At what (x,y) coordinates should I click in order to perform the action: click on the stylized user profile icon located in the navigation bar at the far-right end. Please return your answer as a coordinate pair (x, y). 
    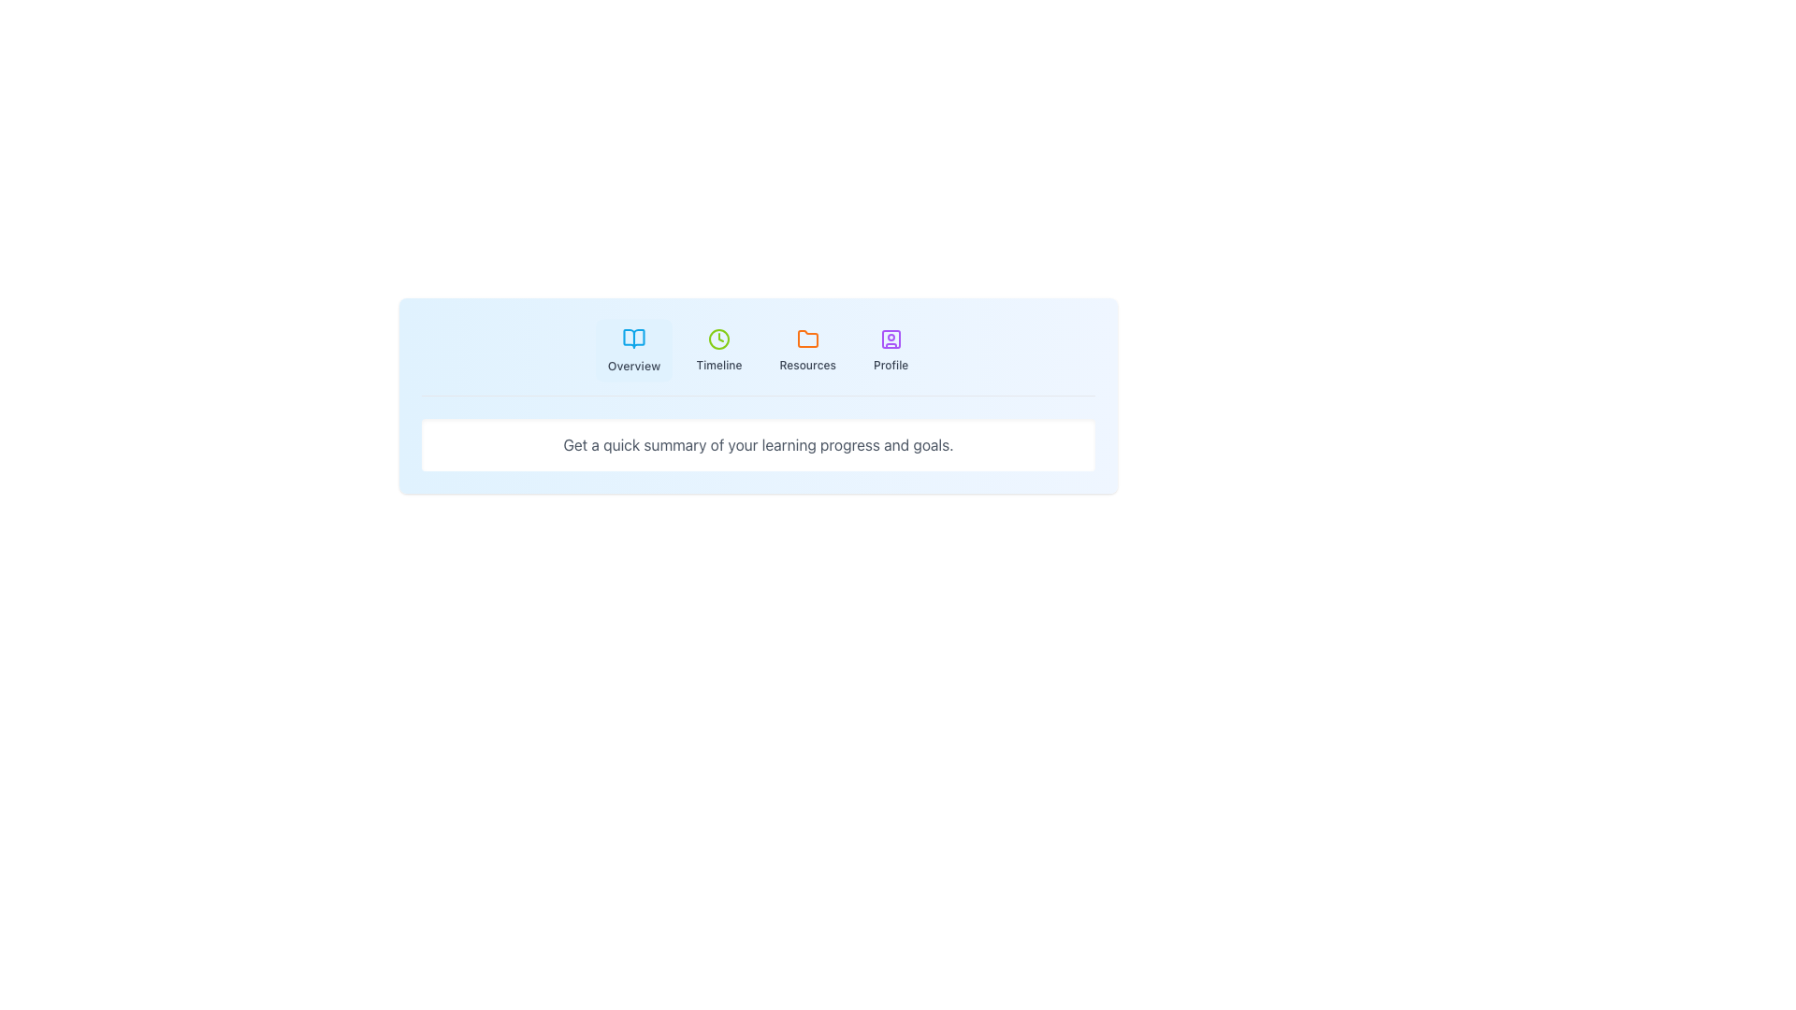
    Looking at the image, I should click on (890, 339).